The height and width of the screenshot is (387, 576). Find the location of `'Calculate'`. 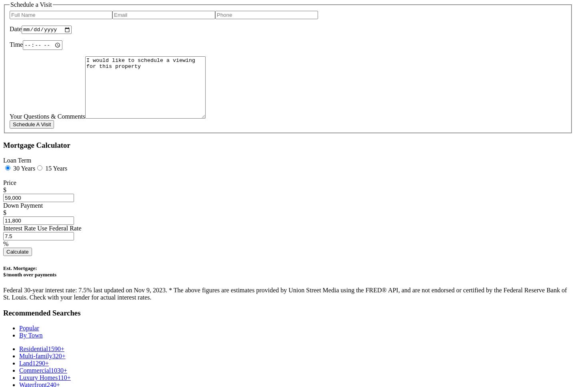

'Calculate' is located at coordinates (17, 252).